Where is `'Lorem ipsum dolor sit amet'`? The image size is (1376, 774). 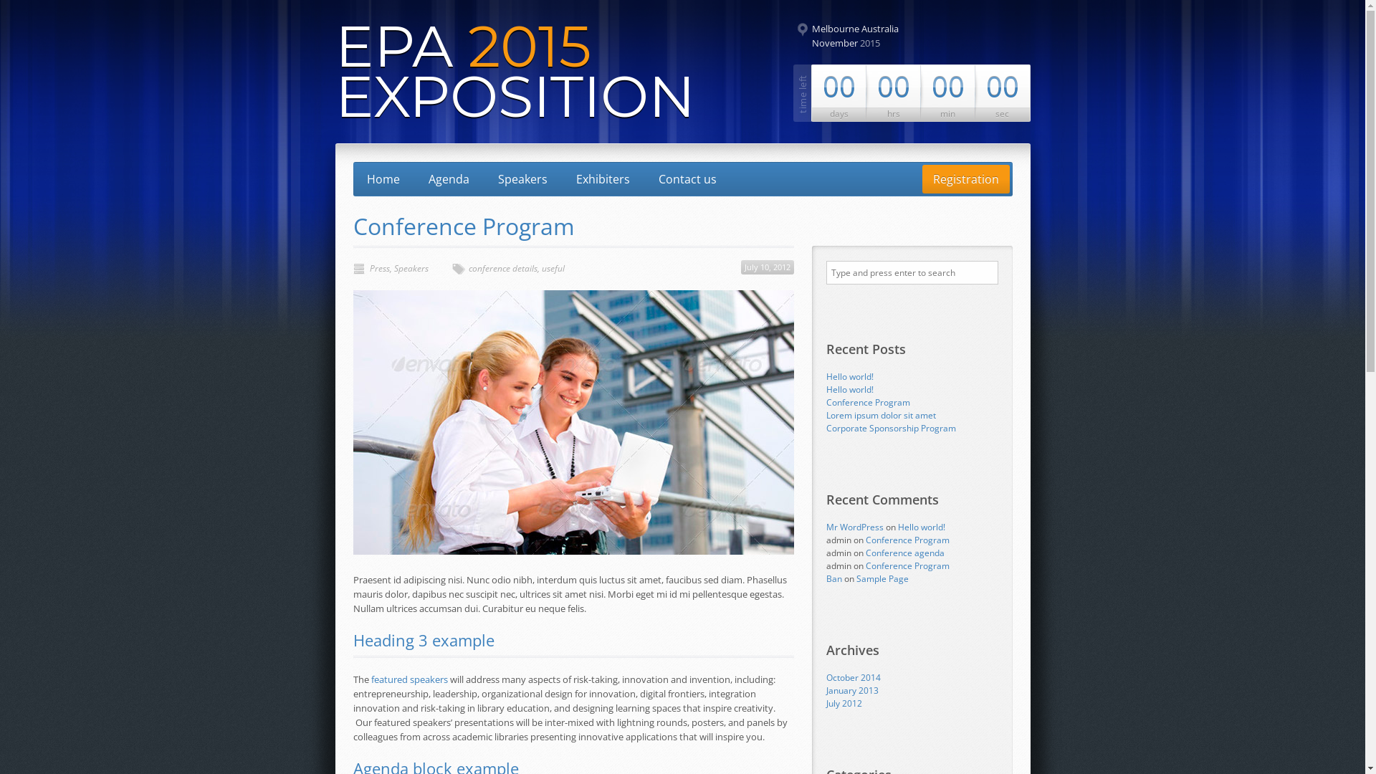
'Lorem ipsum dolor sit amet' is located at coordinates (879, 415).